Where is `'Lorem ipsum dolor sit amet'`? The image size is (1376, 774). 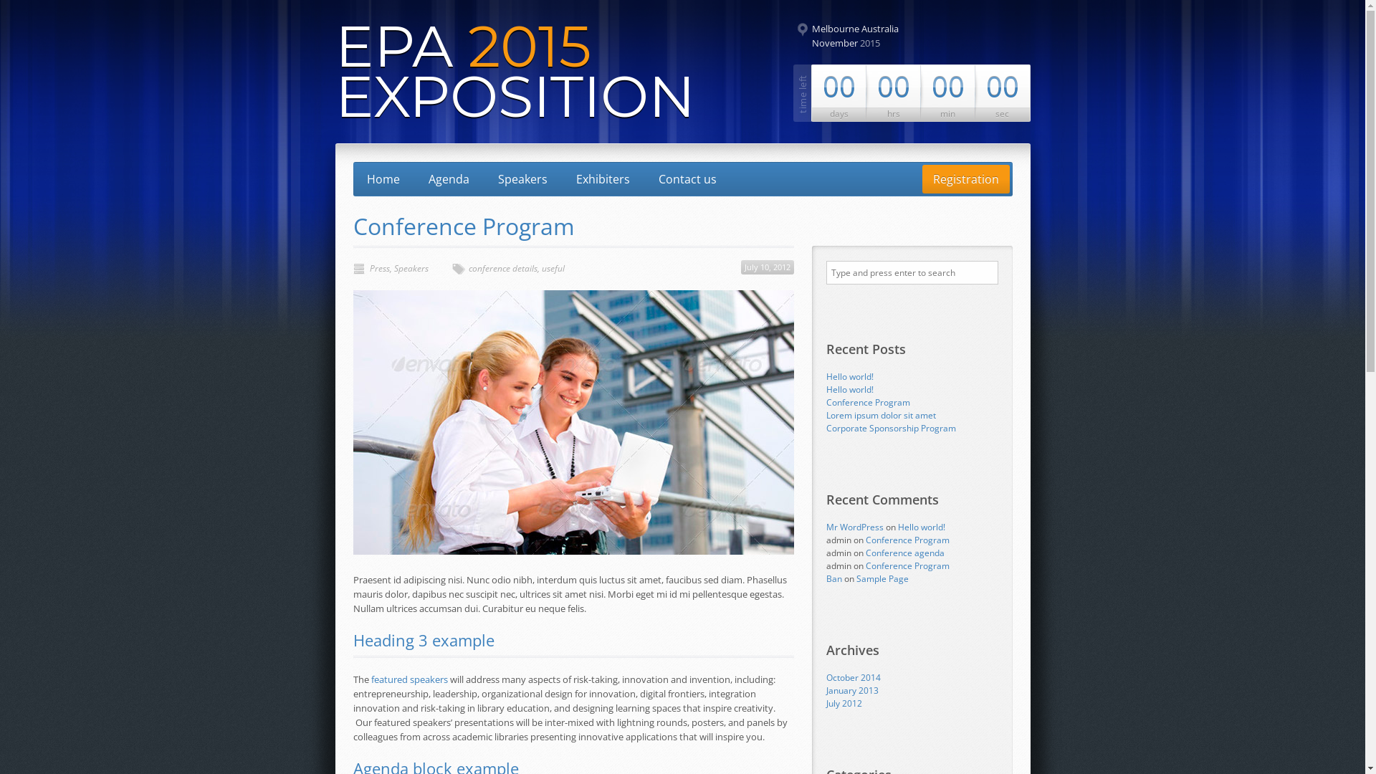
'Lorem ipsum dolor sit amet' is located at coordinates (879, 415).